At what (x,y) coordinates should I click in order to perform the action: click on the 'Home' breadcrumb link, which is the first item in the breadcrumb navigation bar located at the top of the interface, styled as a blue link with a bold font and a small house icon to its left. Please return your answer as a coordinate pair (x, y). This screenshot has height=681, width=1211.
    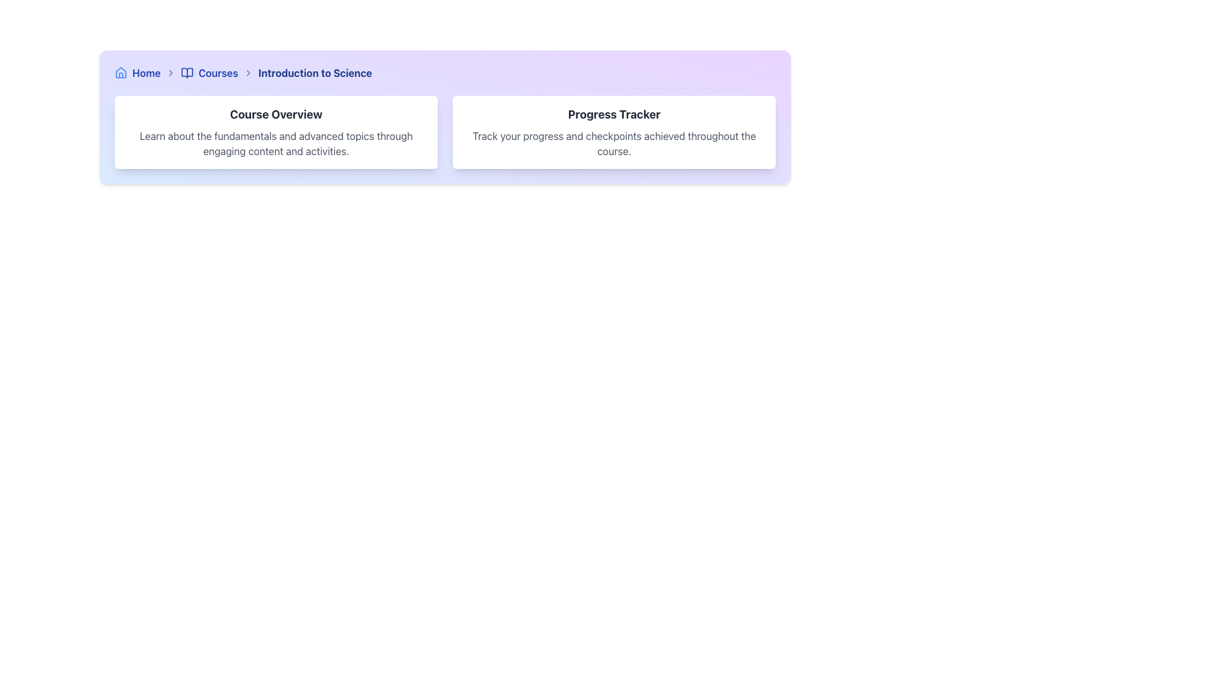
    Looking at the image, I should click on (137, 73).